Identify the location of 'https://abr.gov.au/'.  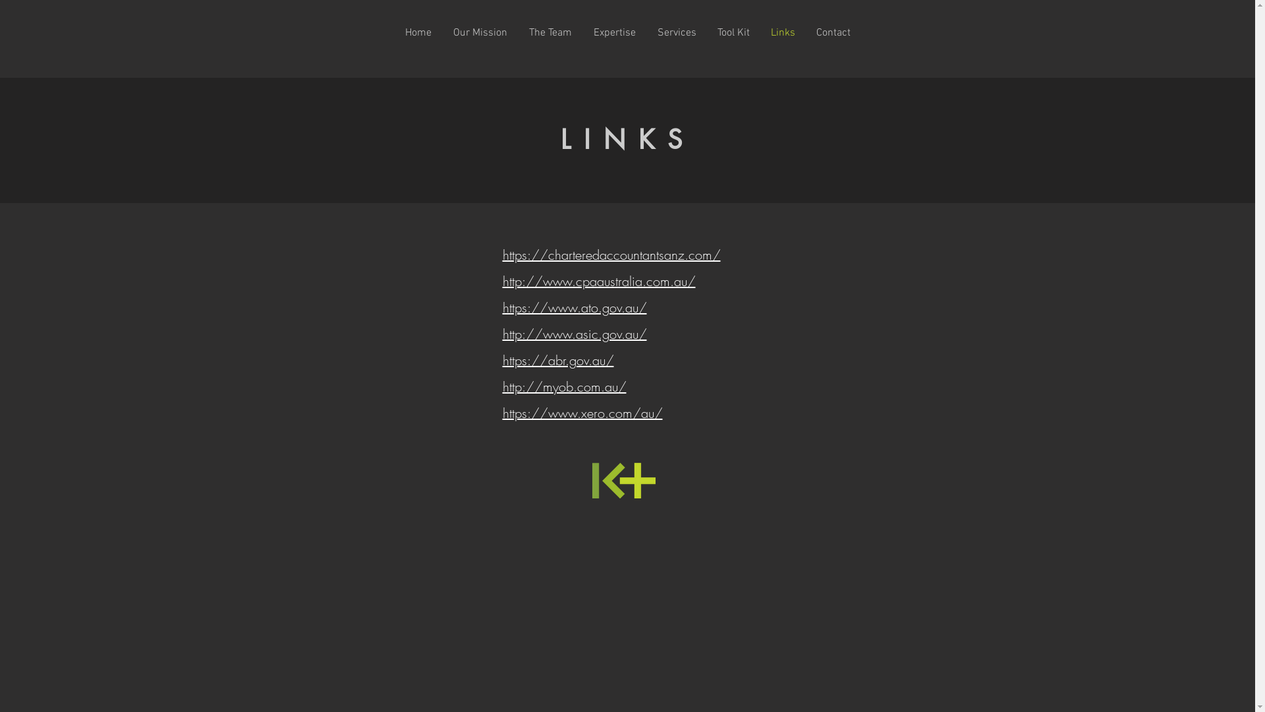
(557, 360).